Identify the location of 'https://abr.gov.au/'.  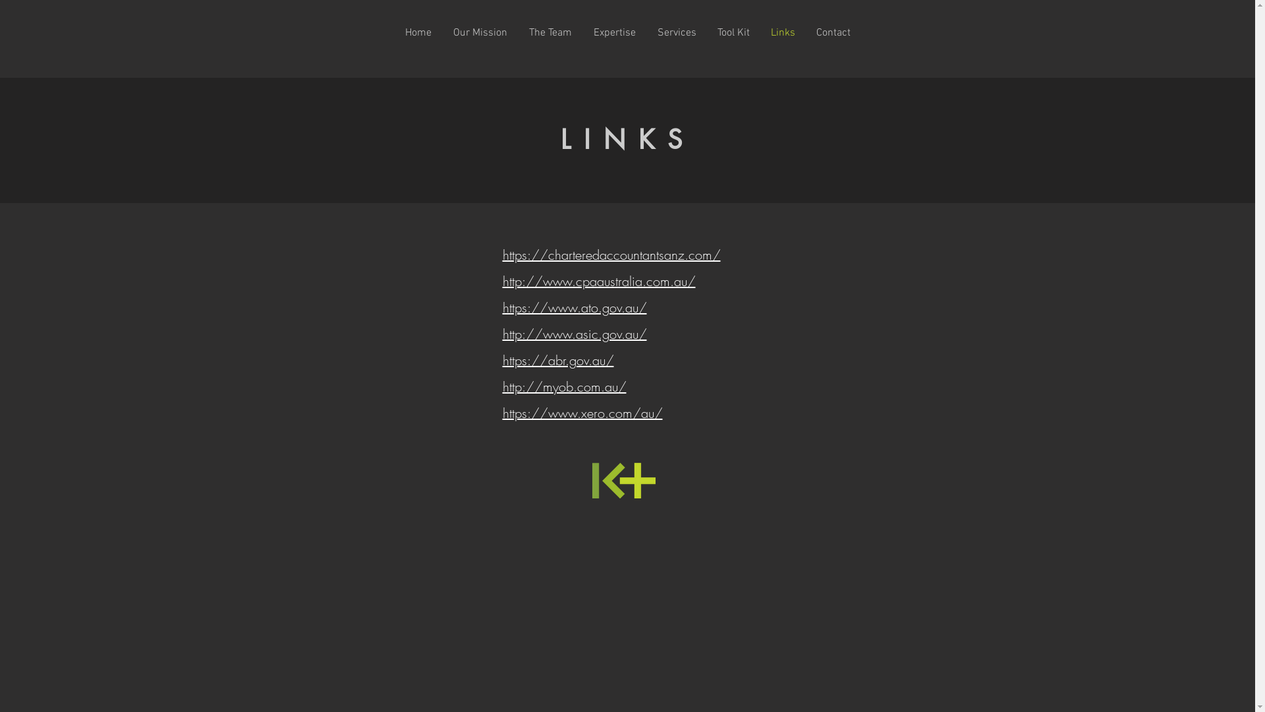
(557, 360).